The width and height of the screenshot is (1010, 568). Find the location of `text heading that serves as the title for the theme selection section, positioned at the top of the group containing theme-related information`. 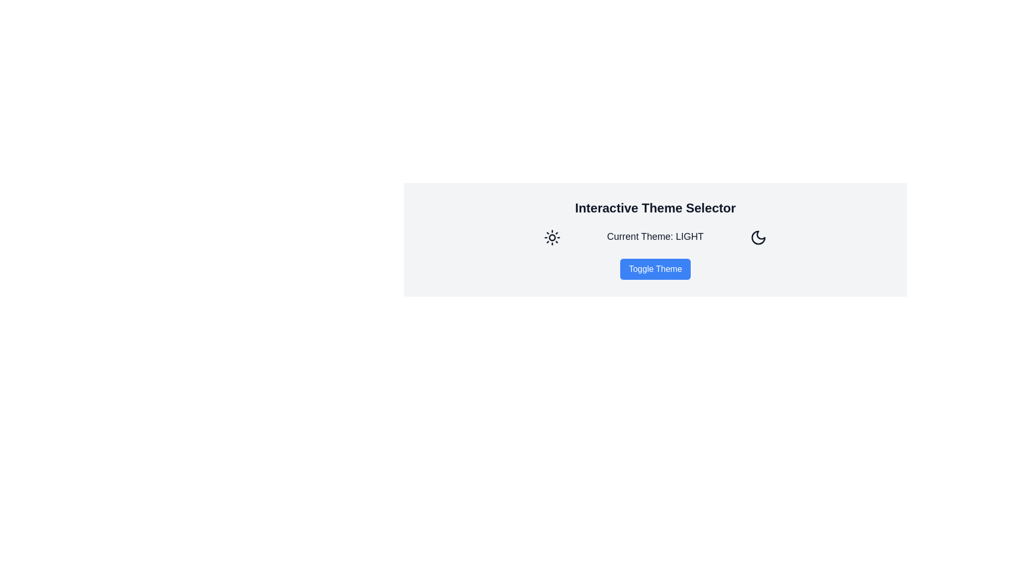

text heading that serves as the title for the theme selection section, positioned at the top of the group containing theme-related information is located at coordinates (655, 208).